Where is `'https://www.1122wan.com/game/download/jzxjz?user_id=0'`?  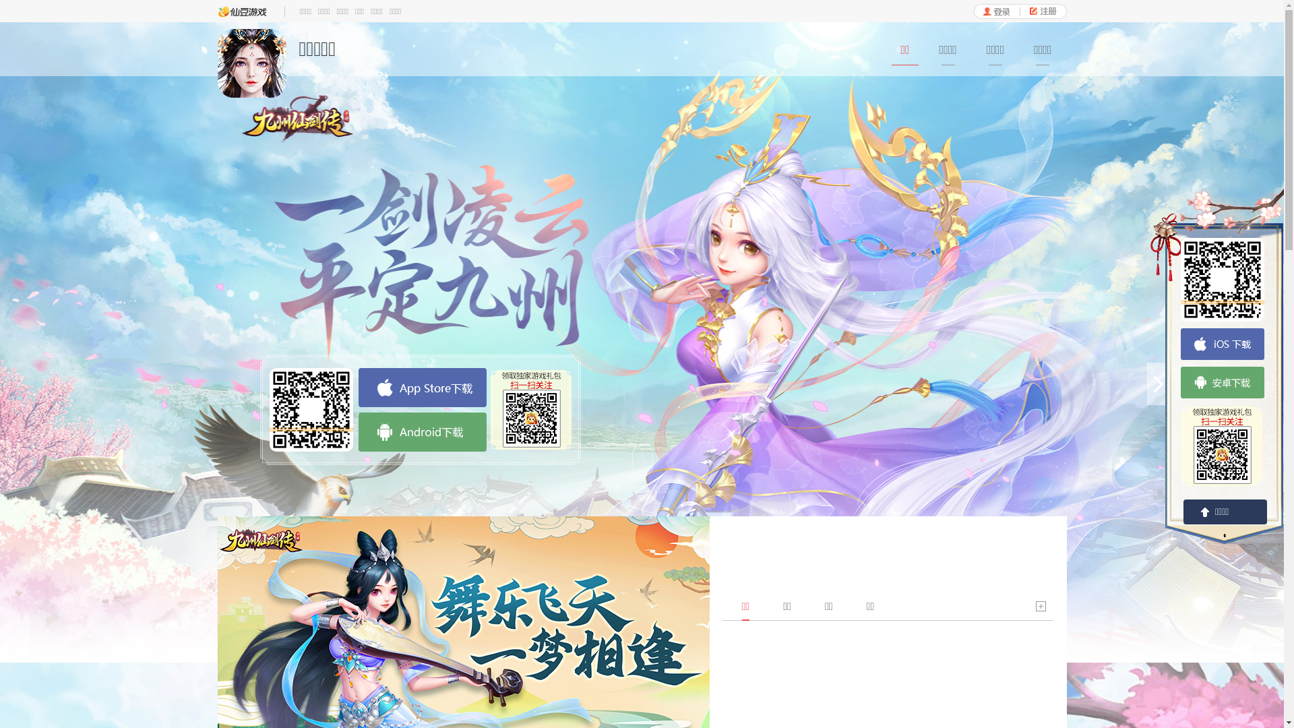 'https://www.1122wan.com/game/download/jzxjz?user_id=0' is located at coordinates (1223, 279).